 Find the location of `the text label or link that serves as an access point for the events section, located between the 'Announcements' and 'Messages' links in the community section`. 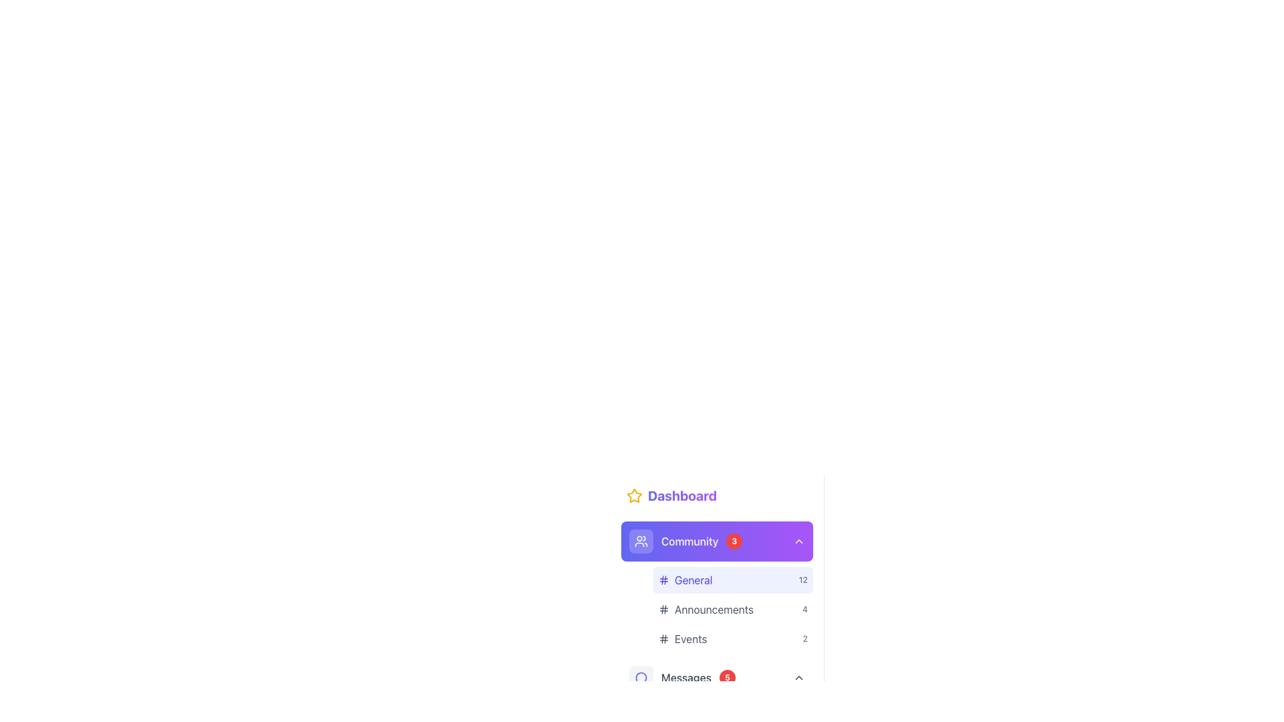

the text label or link that serves as an access point for the events section, located between the 'Announcements' and 'Messages' links in the community section is located at coordinates (691, 638).